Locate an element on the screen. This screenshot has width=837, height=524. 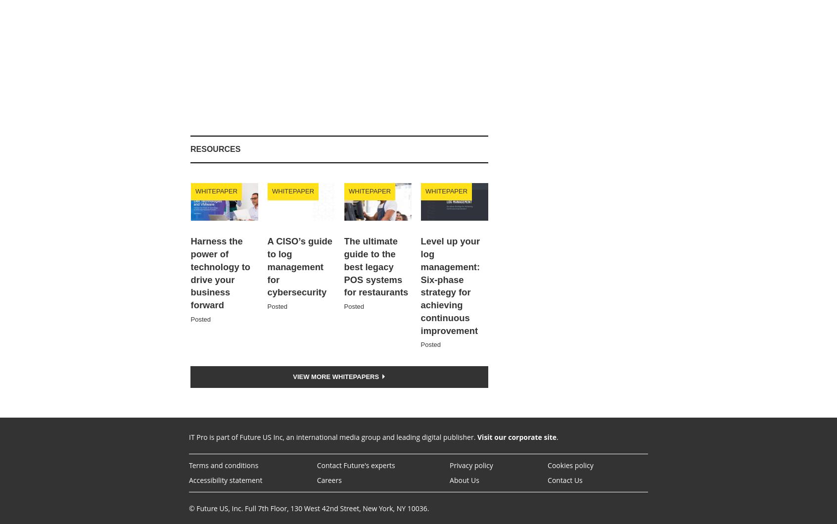
'Privacy policy' is located at coordinates (449, 465).